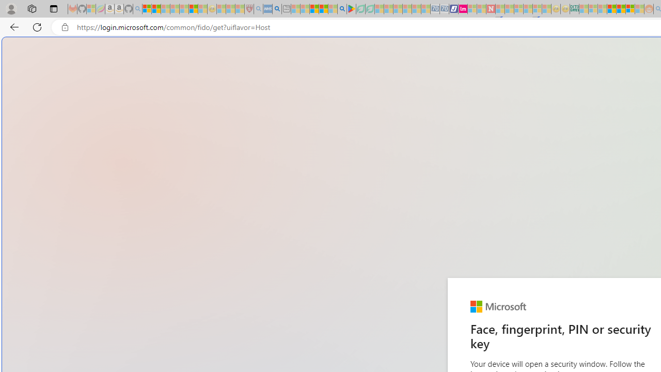 Image resolution: width=661 pixels, height=372 pixels. I want to click on 'Latest Politics News & Archive | Newsweek.com - Sleeping', so click(490, 9).